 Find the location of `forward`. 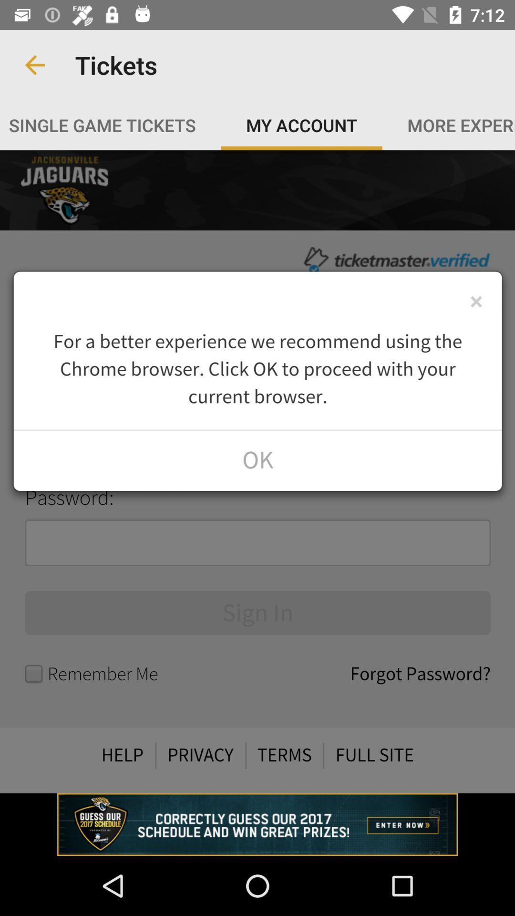

forward is located at coordinates (257, 471).